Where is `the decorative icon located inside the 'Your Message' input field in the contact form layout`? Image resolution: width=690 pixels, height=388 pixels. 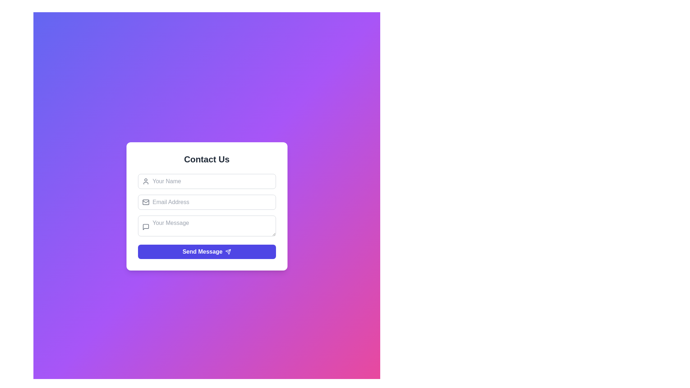
the decorative icon located inside the 'Your Message' input field in the contact form layout is located at coordinates (145, 227).